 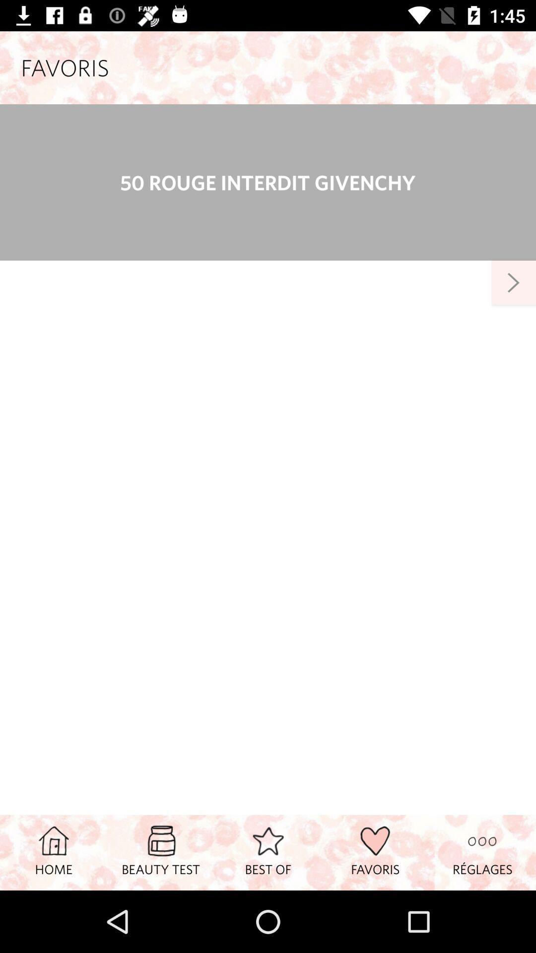 What do you see at coordinates (268, 852) in the screenshot?
I see `best of` at bounding box center [268, 852].